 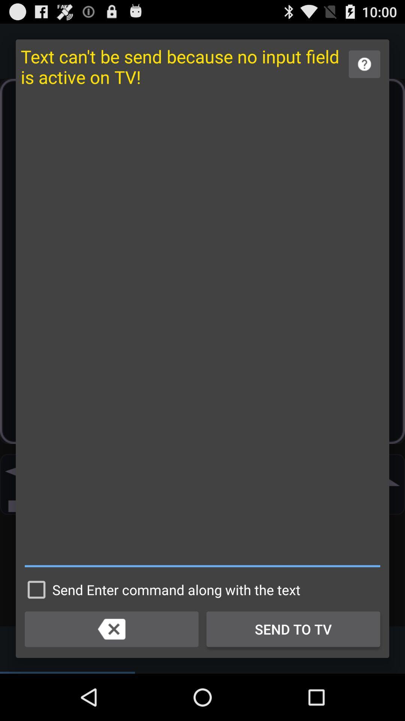 What do you see at coordinates (364, 64) in the screenshot?
I see `icon above   item` at bounding box center [364, 64].